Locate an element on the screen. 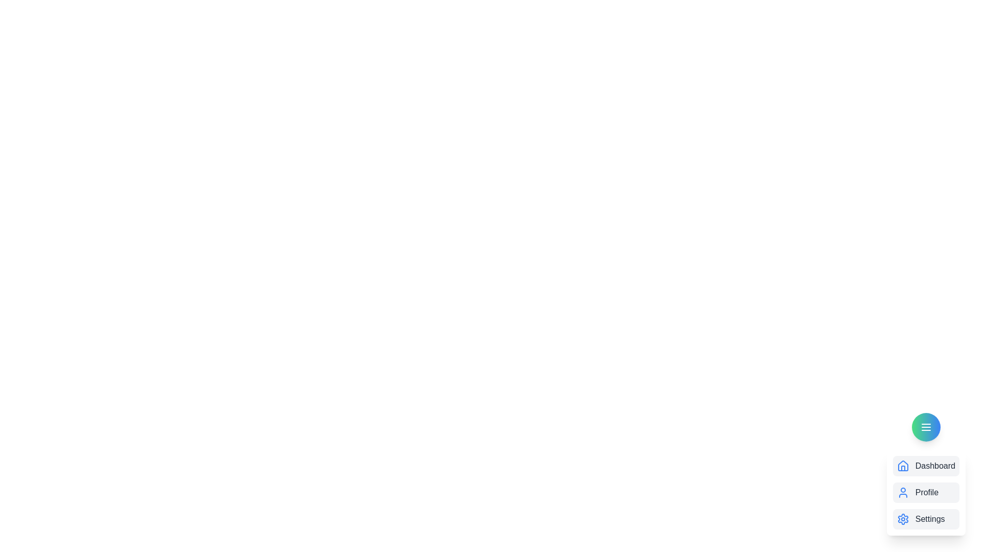 This screenshot has height=552, width=982. the Dashboard from the menu options is located at coordinates (926, 466).